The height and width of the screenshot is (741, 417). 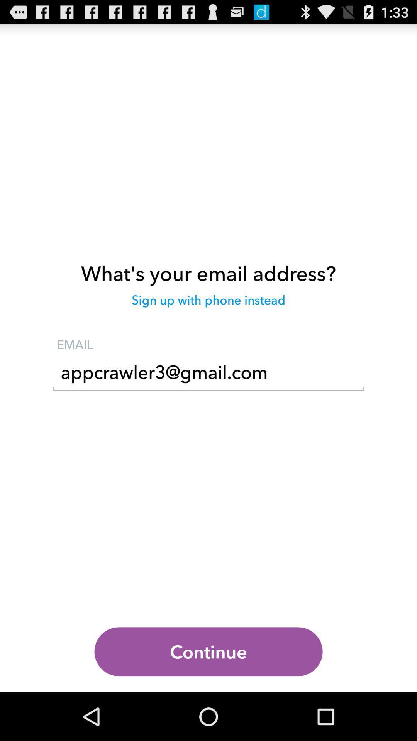 What do you see at coordinates (208, 375) in the screenshot?
I see `the icon below the email item` at bounding box center [208, 375].